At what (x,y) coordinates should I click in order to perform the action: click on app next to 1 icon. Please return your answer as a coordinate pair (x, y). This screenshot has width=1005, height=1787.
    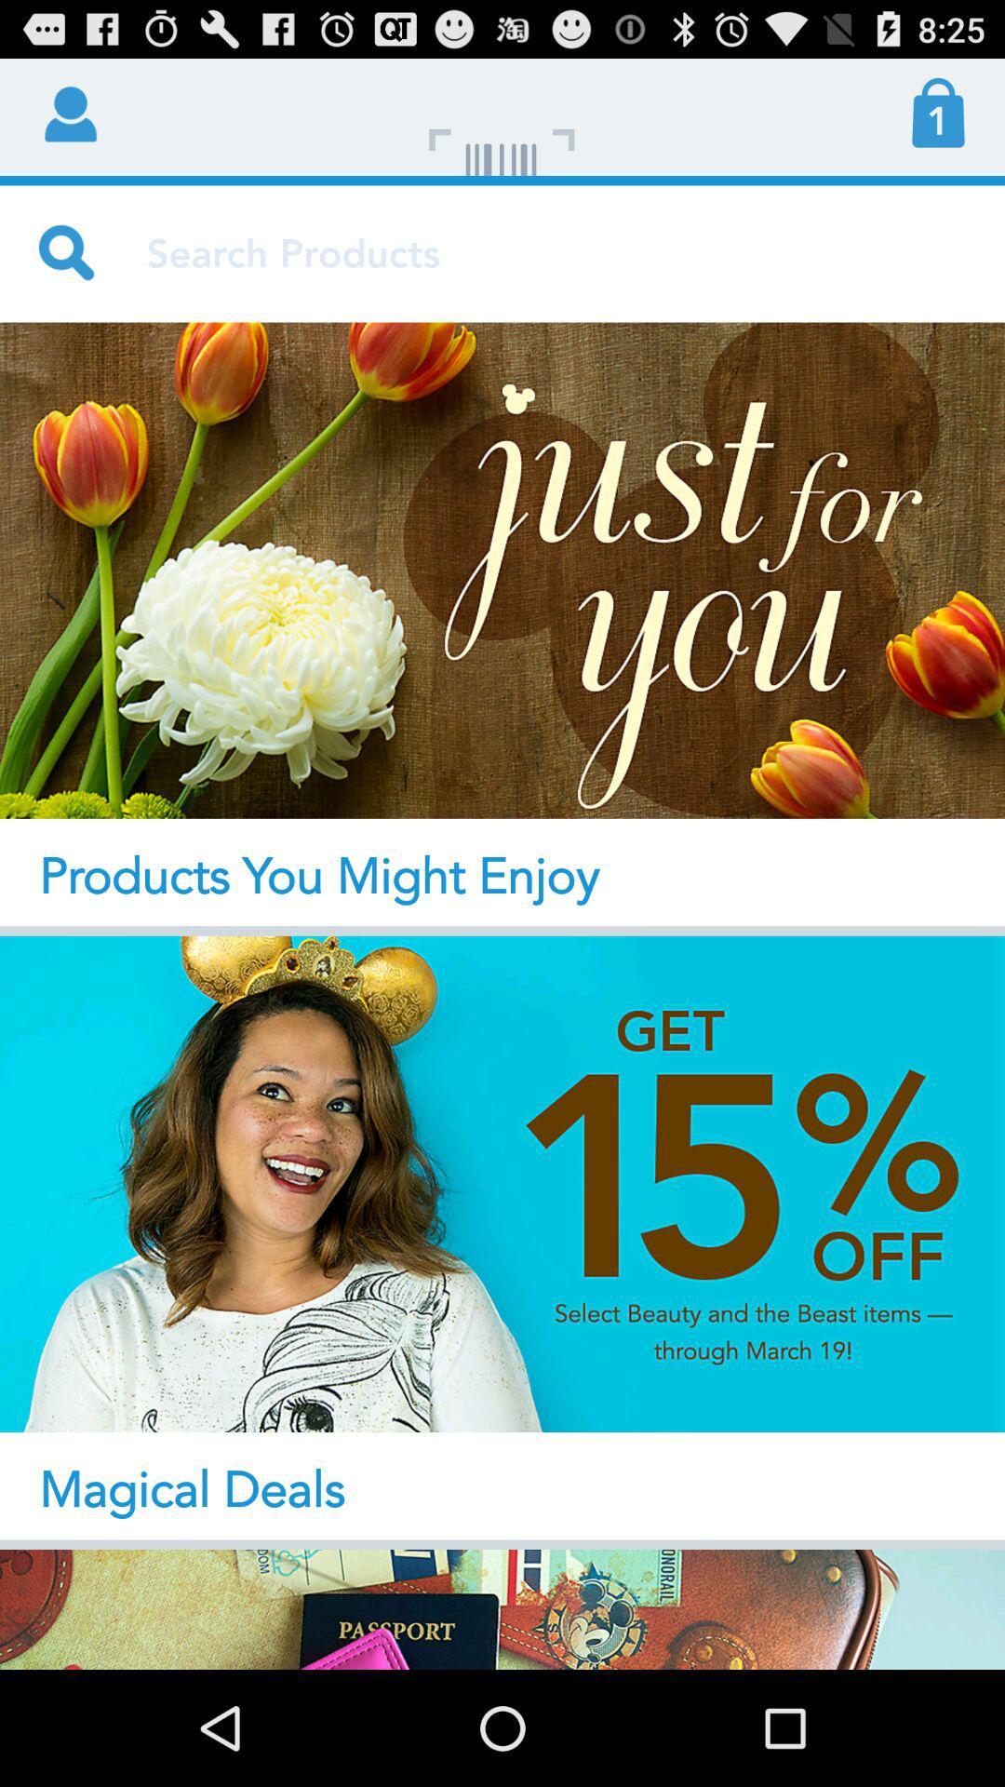
    Looking at the image, I should click on (502, 115).